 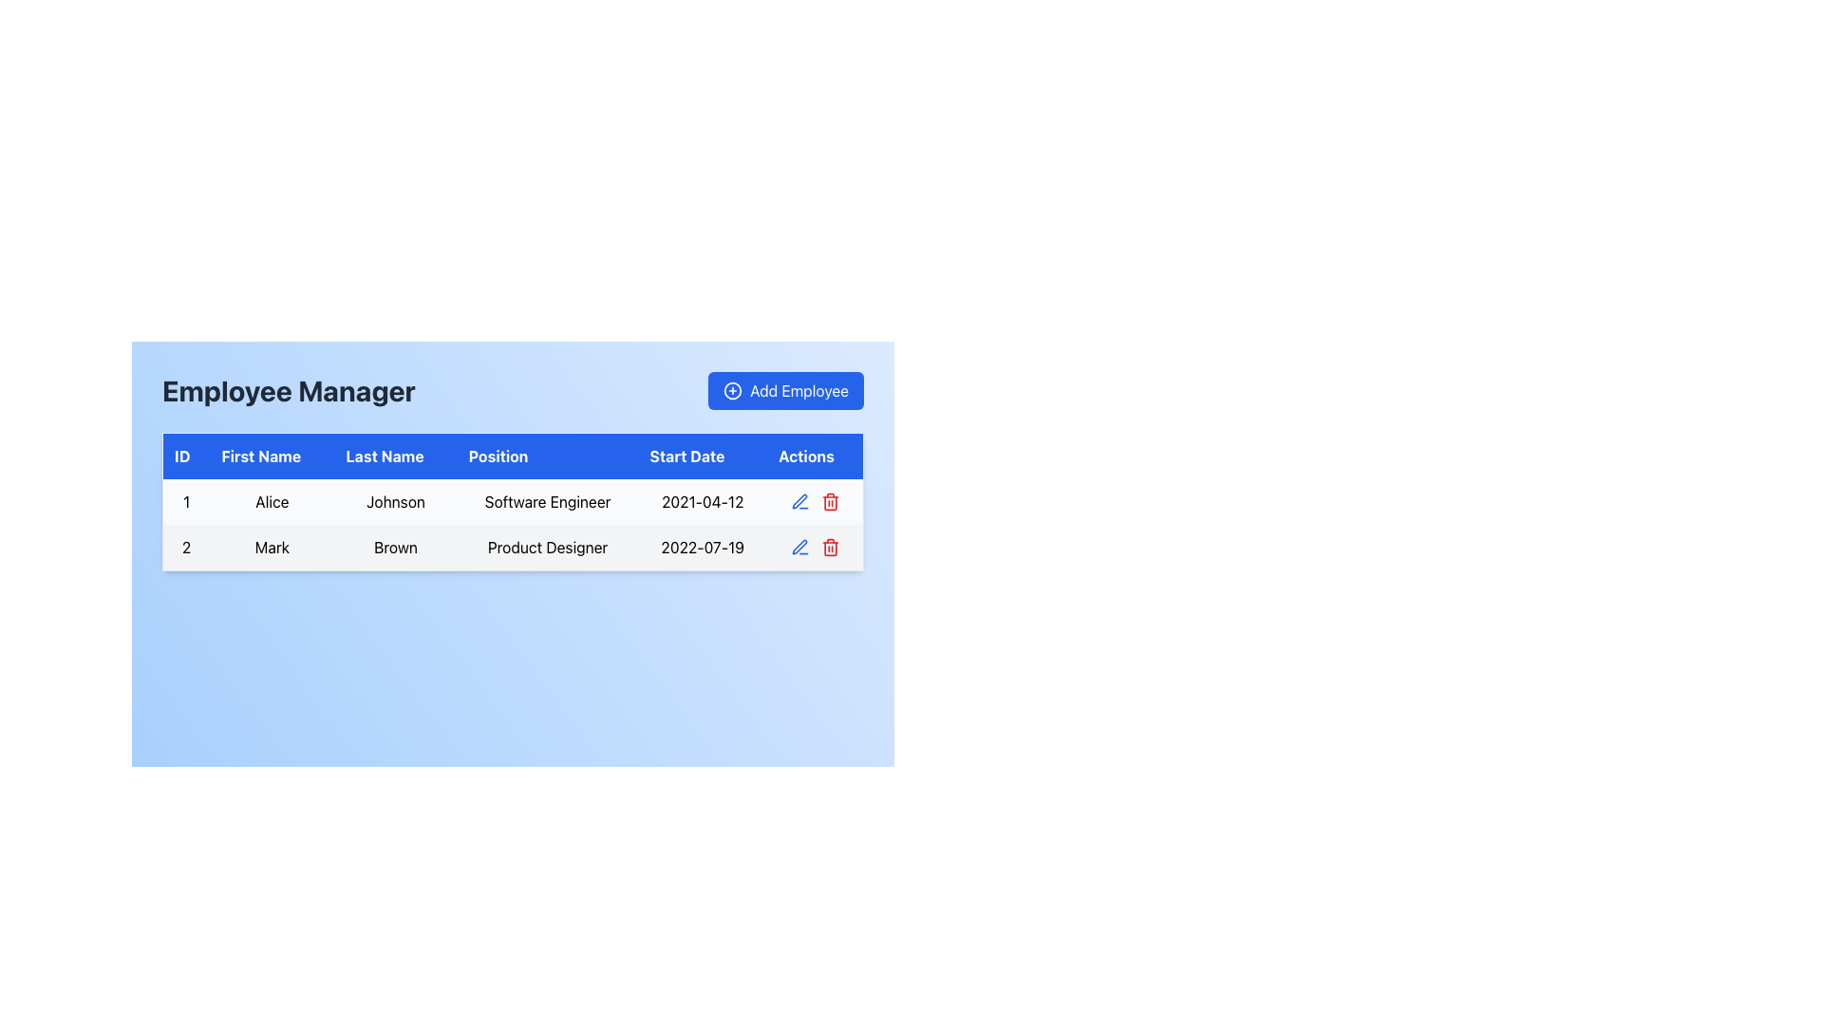 What do you see at coordinates (799, 500) in the screenshot?
I see `the pen icon in the 'Actions' column adjacent to the second row of employee data for 'Mark Brown, Product Designer' to trigger the tooltip or hover effect` at bounding box center [799, 500].